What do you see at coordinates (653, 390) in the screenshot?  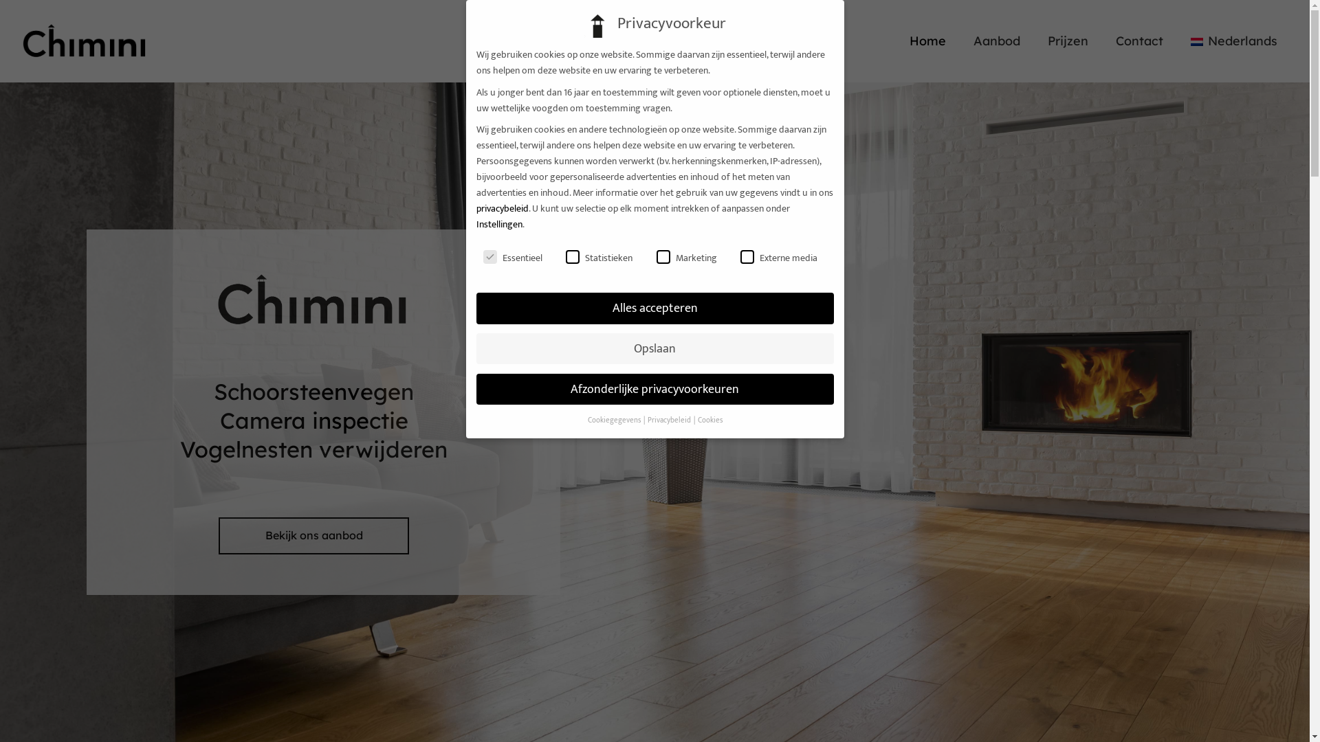 I see `'Afzonderlijke privacyvoorkeuren'` at bounding box center [653, 390].